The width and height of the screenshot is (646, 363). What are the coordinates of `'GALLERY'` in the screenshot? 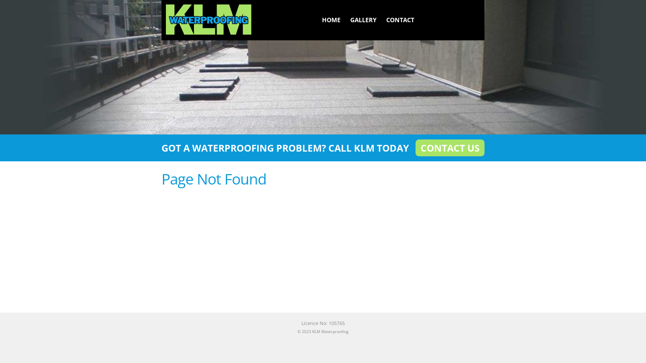 It's located at (363, 19).